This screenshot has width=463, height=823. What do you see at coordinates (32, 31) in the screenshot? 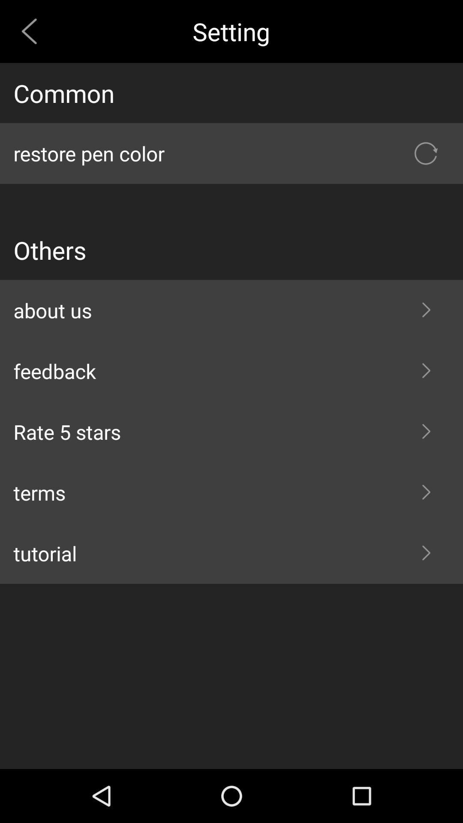
I see `the item next to setting` at bounding box center [32, 31].